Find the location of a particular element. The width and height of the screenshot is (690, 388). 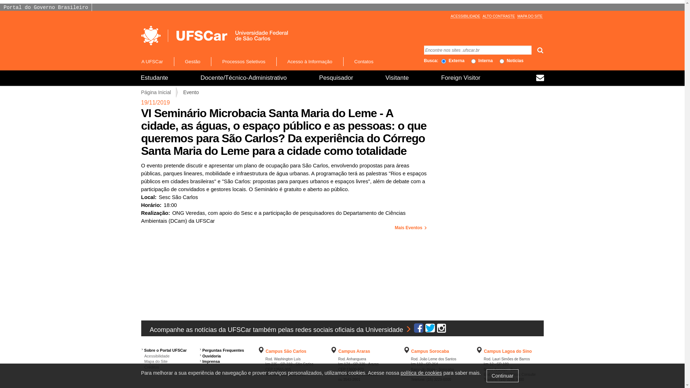

'Mapa do Site' is located at coordinates (153, 361).